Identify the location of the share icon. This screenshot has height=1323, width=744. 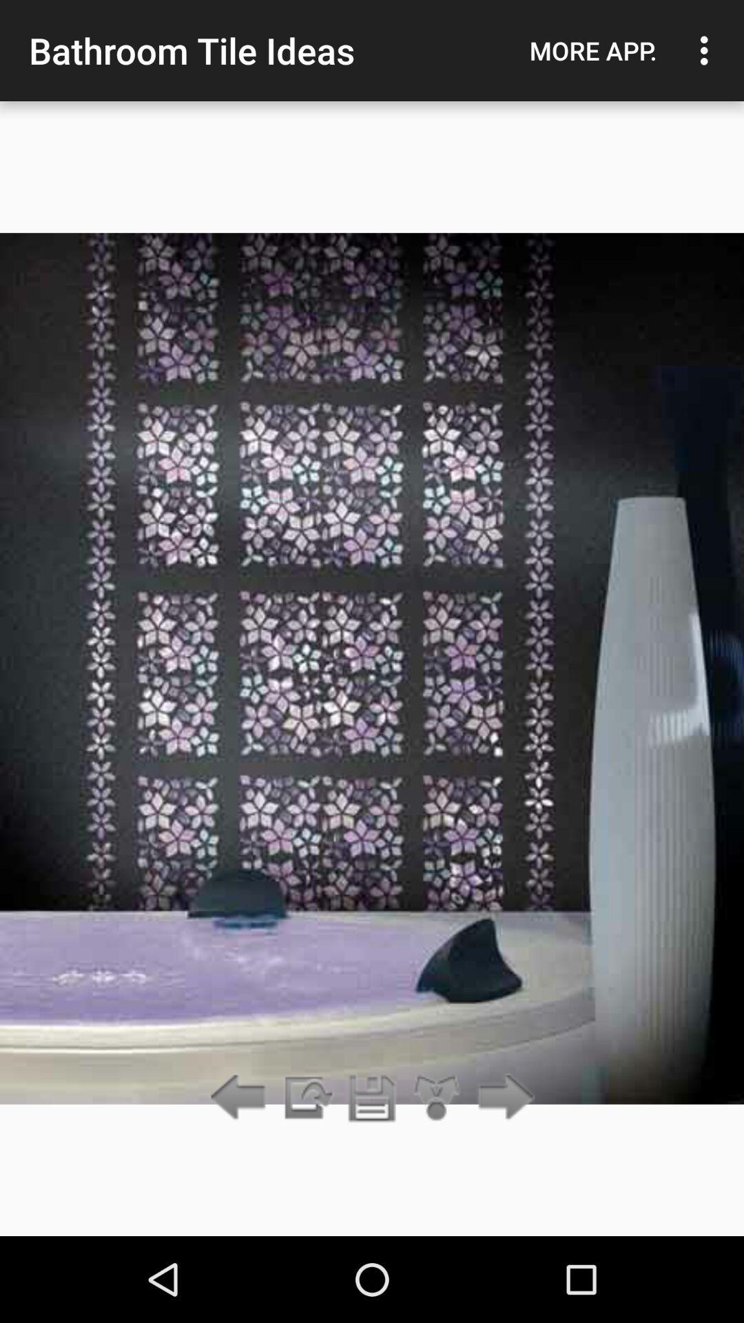
(437, 1098).